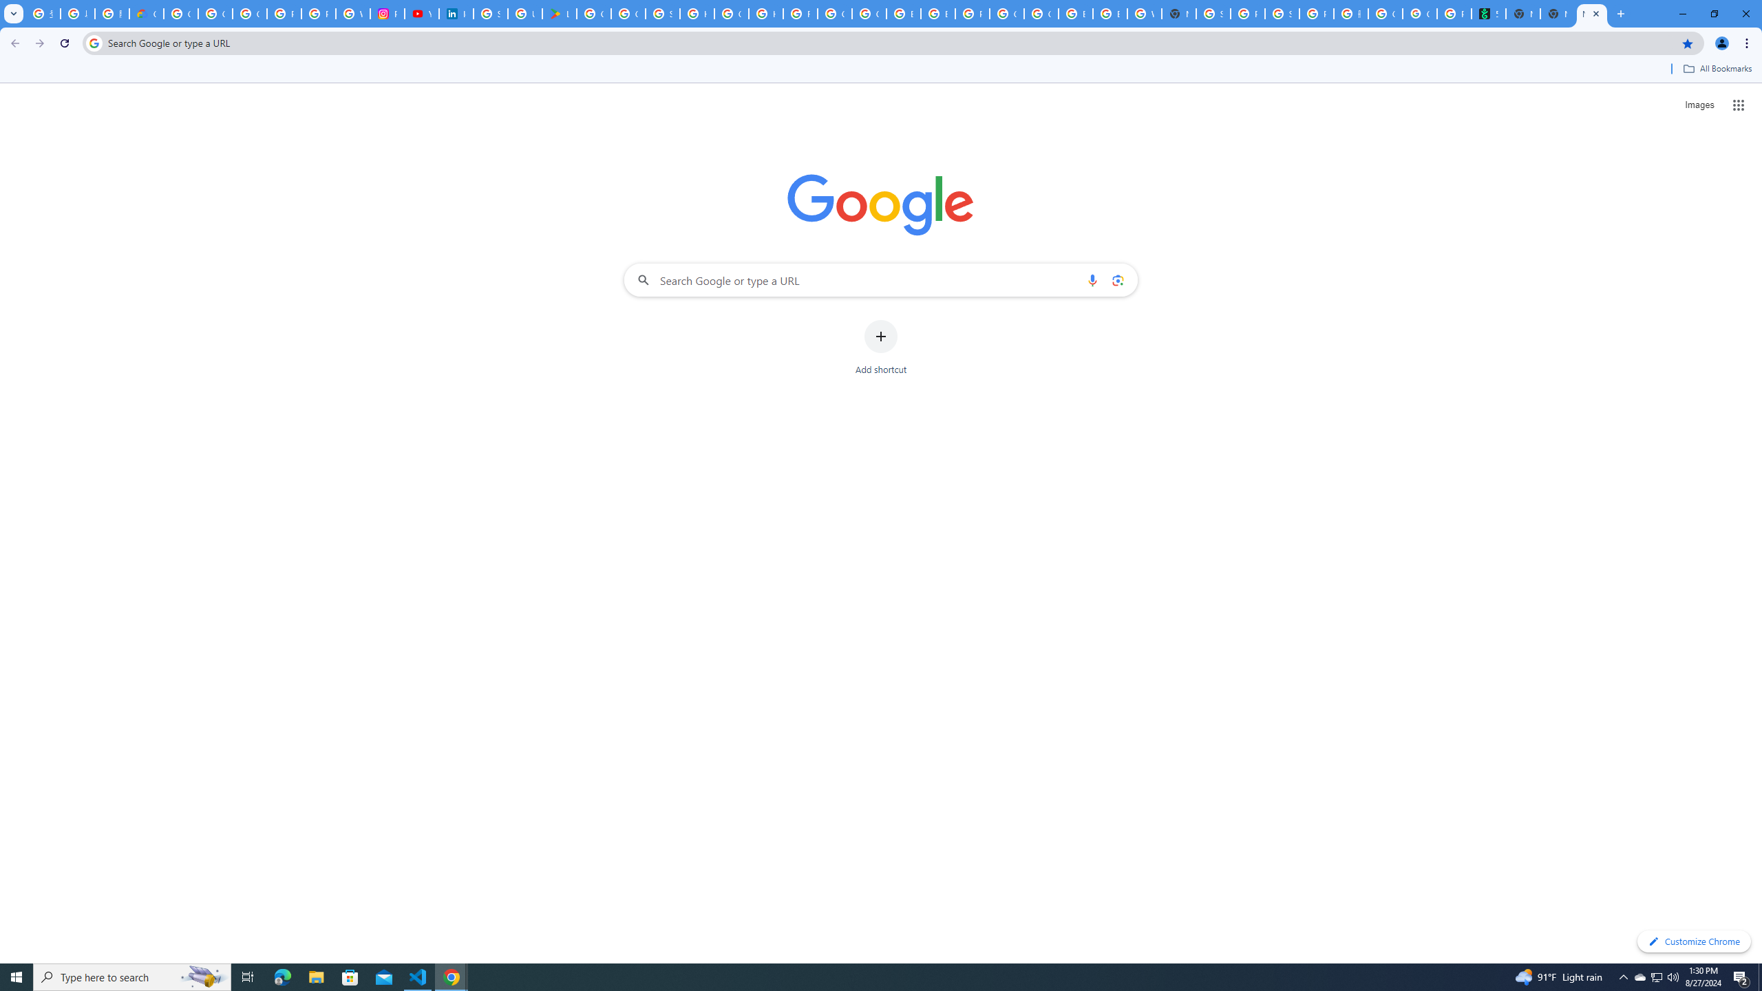 The width and height of the screenshot is (1762, 991). What do you see at coordinates (421, 13) in the screenshot?
I see `'YouTube Culture & Trends - On The Rise: Handcam Videos'` at bounding box center [421, 13].